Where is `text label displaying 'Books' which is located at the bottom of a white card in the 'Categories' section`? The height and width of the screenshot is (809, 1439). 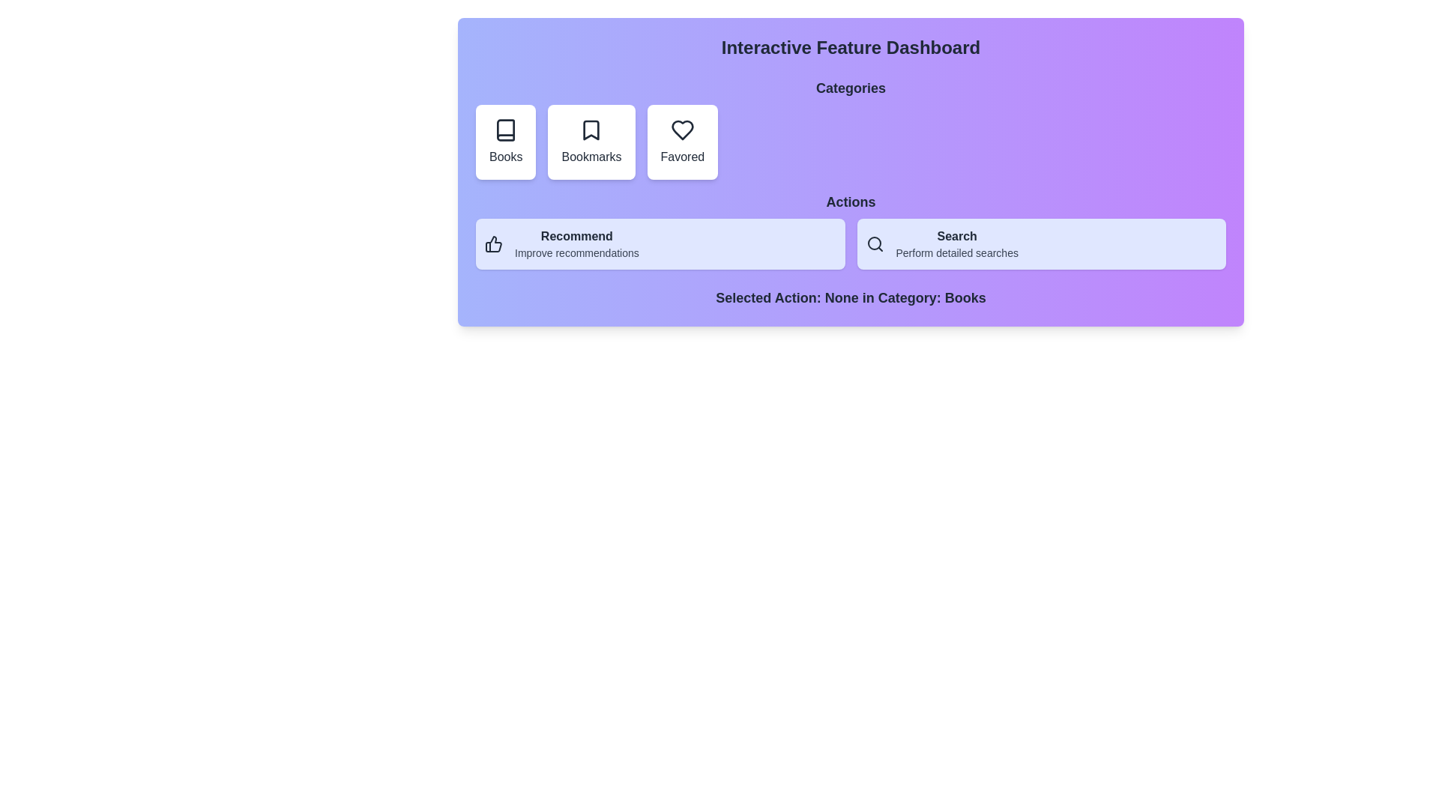 text label displaying 'Books' which is located at the bottom of a white card in the 'Categories' section is located at coordinates (506, 157).